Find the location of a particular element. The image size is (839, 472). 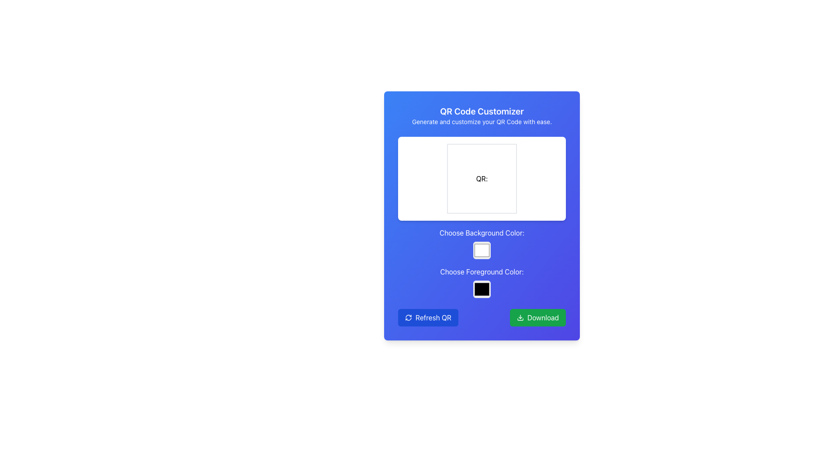

the Text Label element displaying 'Choose Foreground Color:' which is located below the 'Choose Background Color:' label, serving as a descriptor for the color selection box is located at coordinates (482, 271).